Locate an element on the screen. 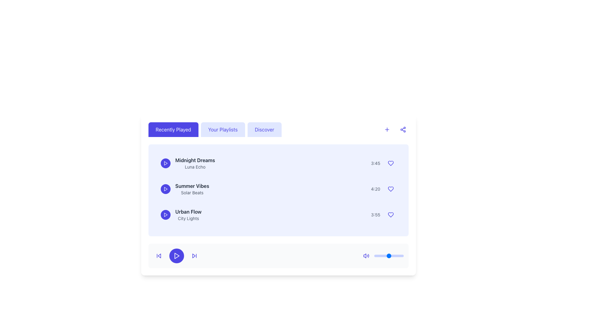  the third List Item representing a media track in the 'Recently Played' section is located at coordinates (278, 215).